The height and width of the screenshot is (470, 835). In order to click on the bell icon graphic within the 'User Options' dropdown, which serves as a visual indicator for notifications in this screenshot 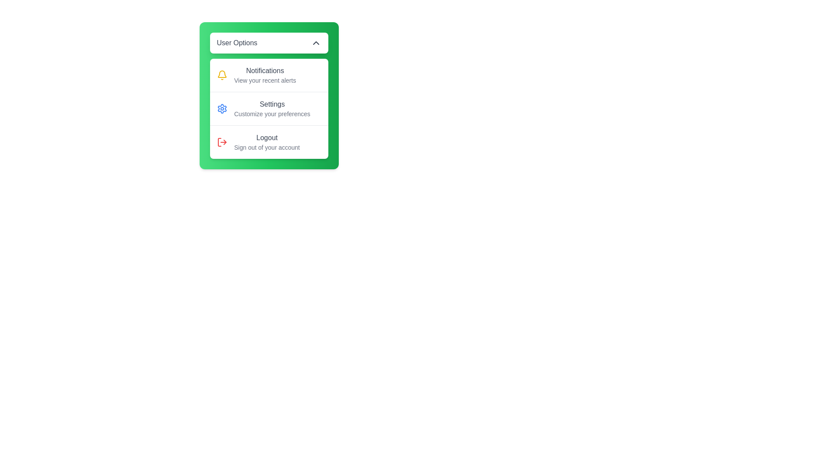, I will do `click(222, 74)`.